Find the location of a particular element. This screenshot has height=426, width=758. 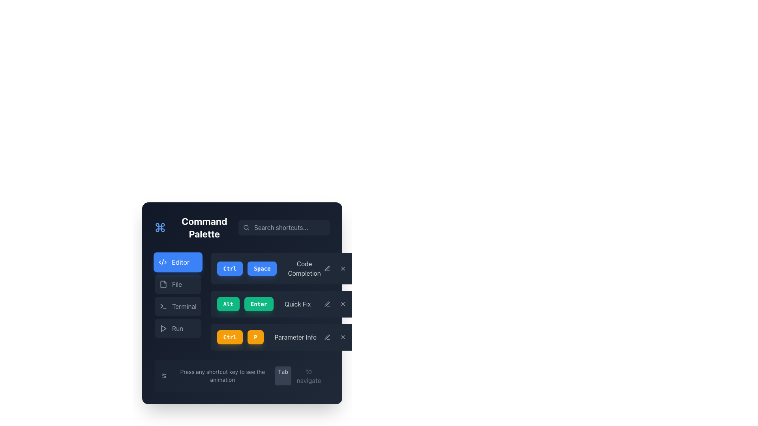

the edit icon located immediately to the right of the 'Code Completion' label in the Command Palette interface is located at coordinates (327, 268).